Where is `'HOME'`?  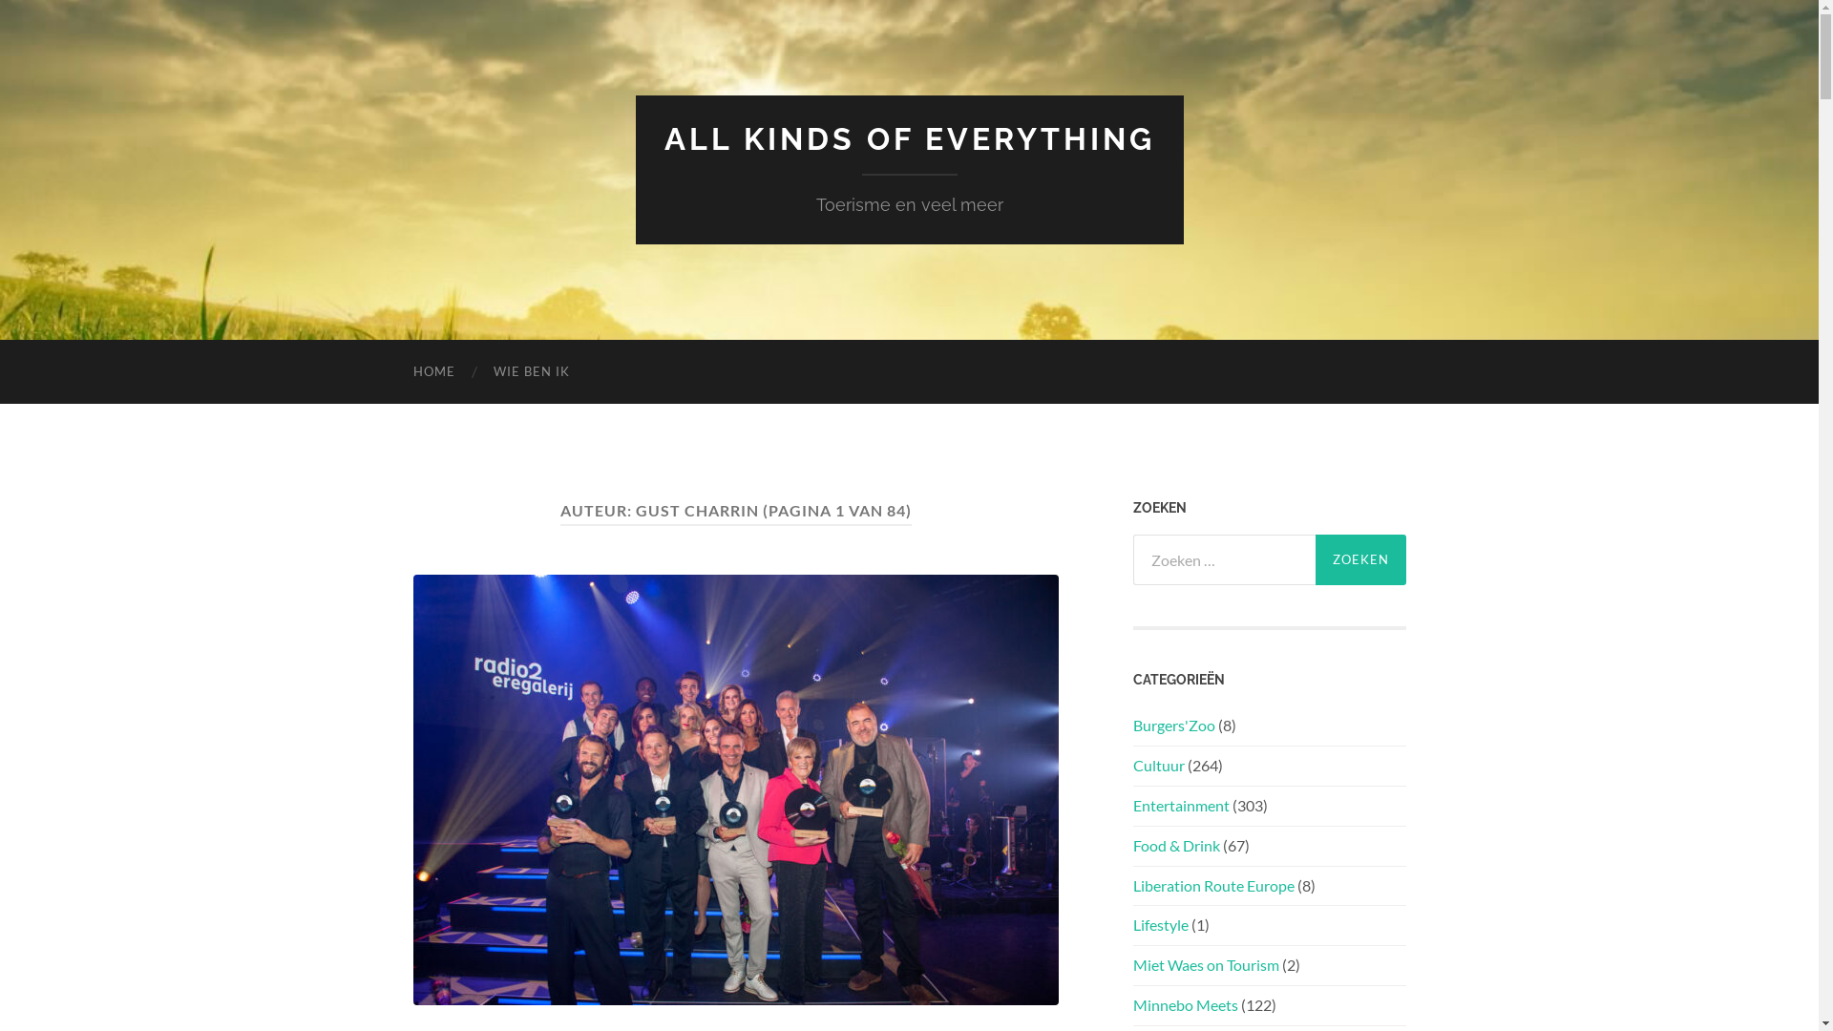
'HOME' is located at coordinates (392, 371).